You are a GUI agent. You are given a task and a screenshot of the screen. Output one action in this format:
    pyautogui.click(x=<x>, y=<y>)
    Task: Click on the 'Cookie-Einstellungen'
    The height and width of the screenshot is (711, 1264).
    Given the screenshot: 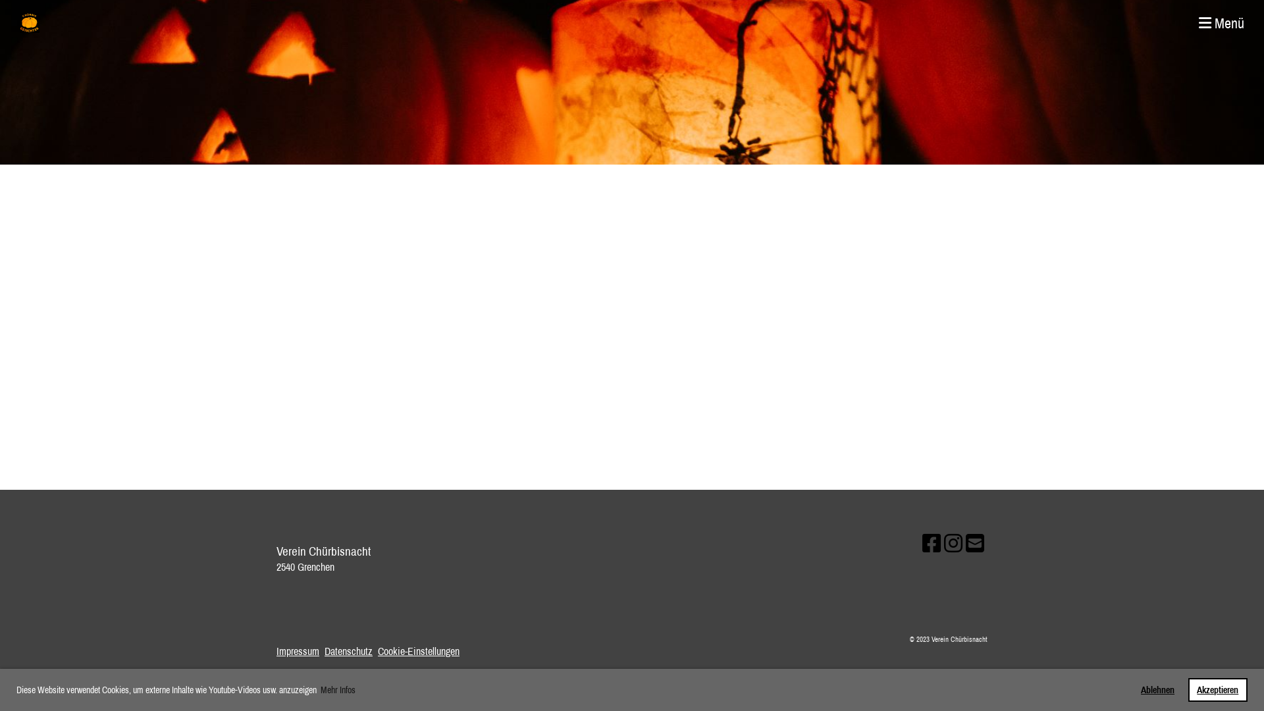 What is the action you would take?
    pyautogui.click(x=417, y=650)
    